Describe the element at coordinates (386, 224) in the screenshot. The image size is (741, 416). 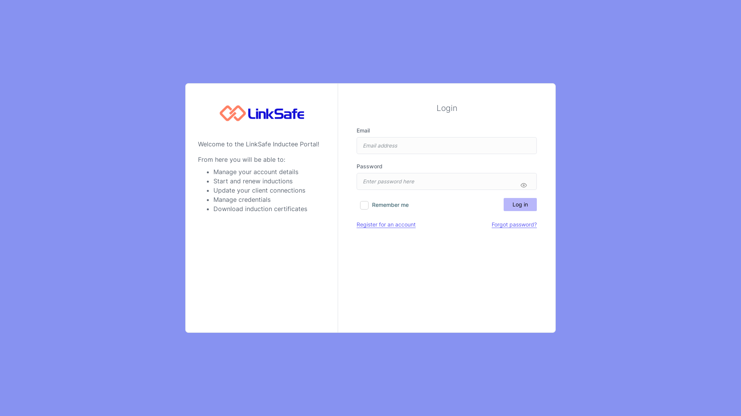
I see `'Register for an account'` at that location.